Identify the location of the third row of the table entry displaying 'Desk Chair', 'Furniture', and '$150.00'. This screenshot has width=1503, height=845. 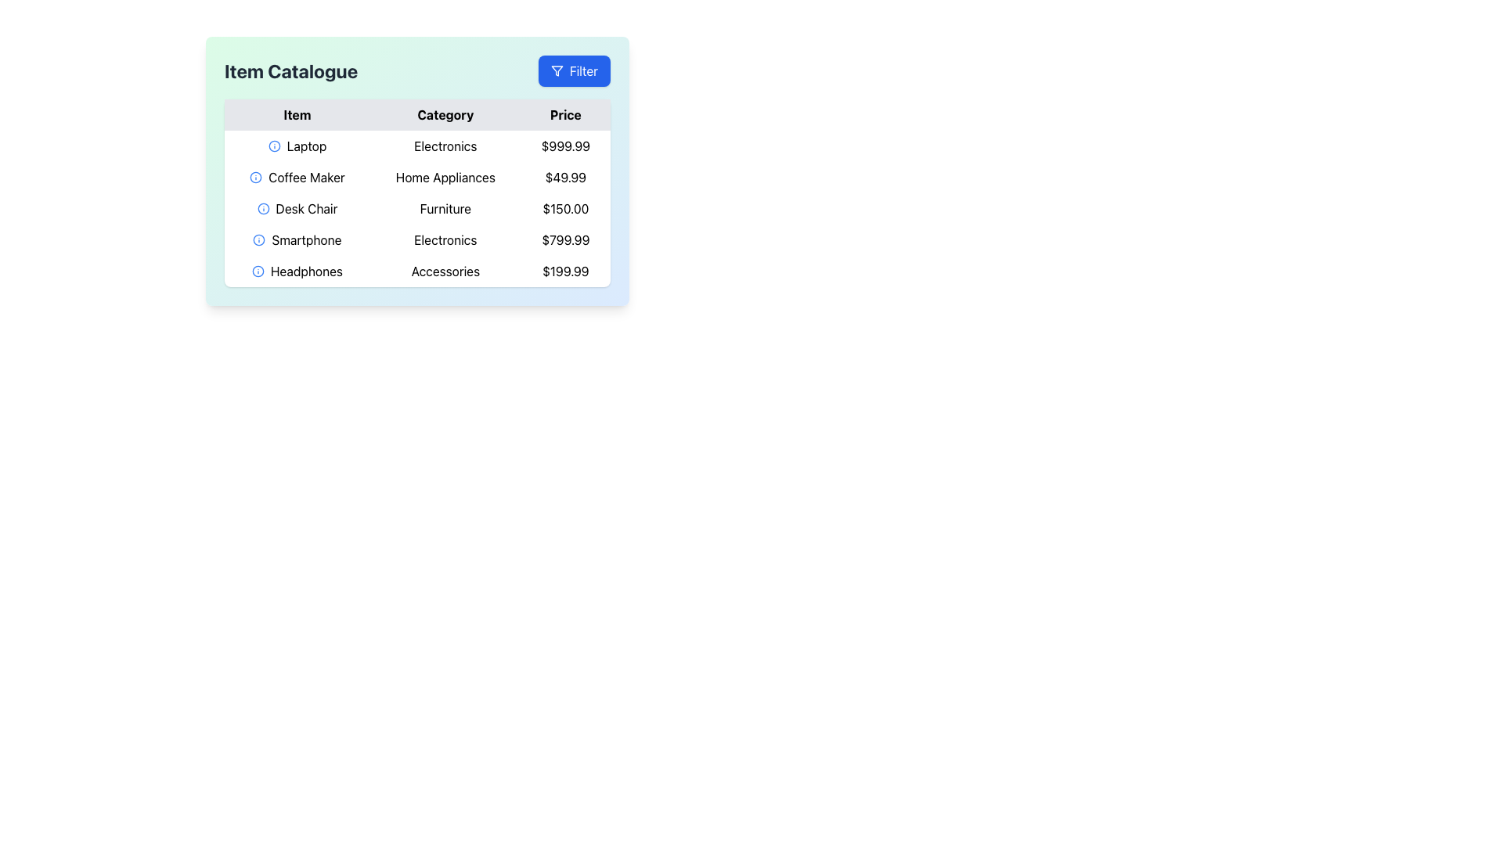
(417, 207).